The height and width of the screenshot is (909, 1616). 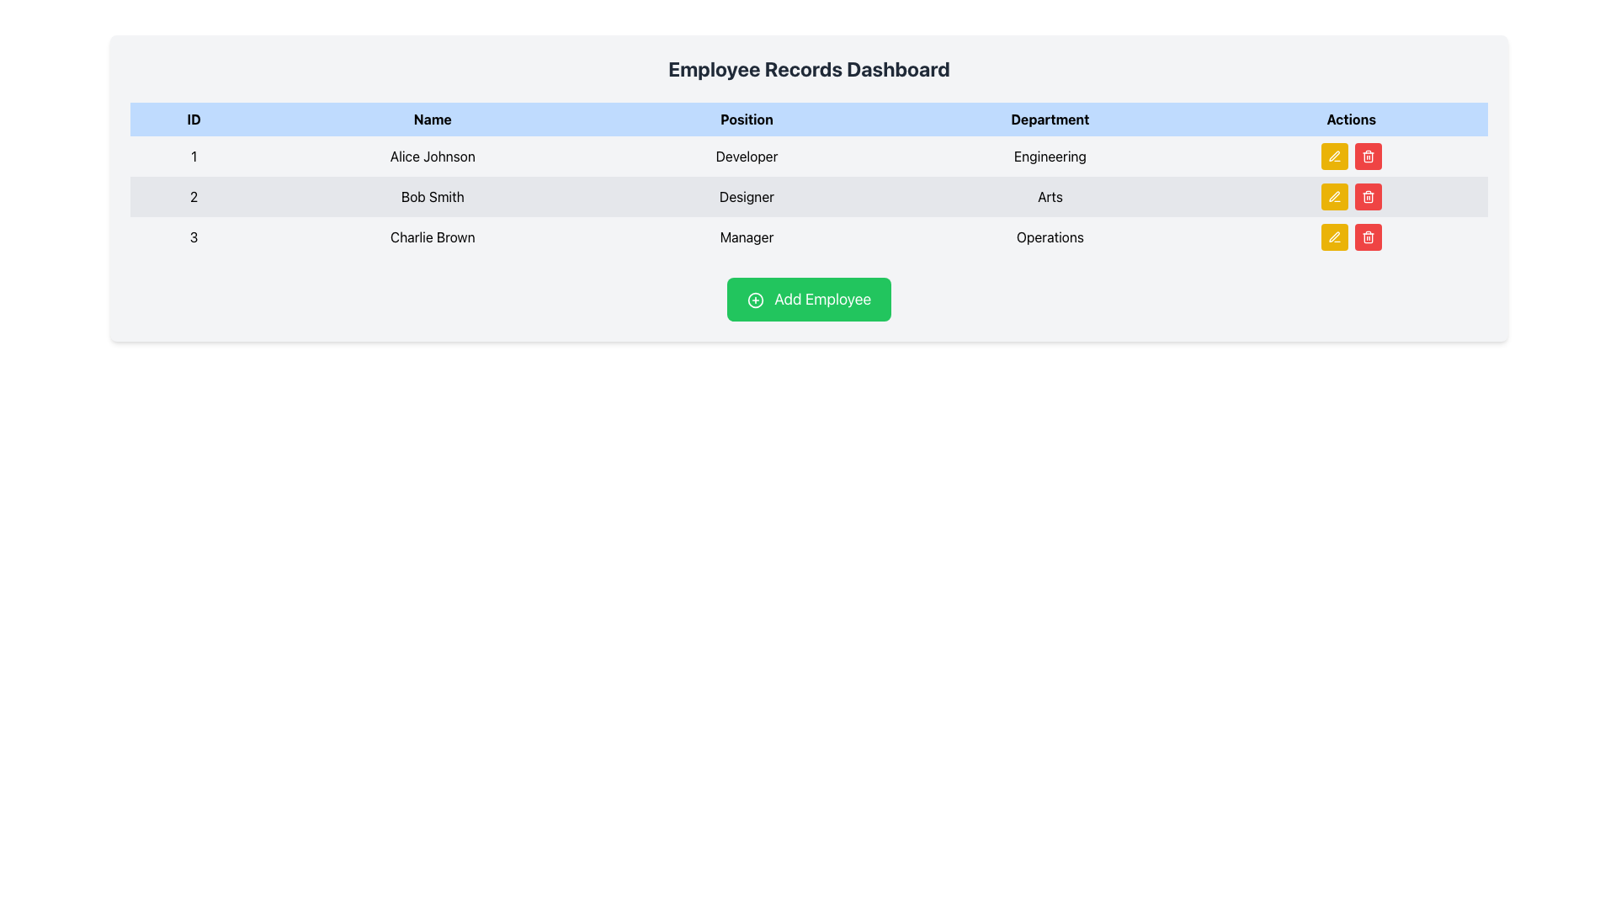 What do you see at coordinates (746, 119) in the screenshot?
I see `the centered text label displaying 'Position' in bold black text, which is part of the table header row for 'Employee Records Dashboard'` at bounding box center [746, 119].